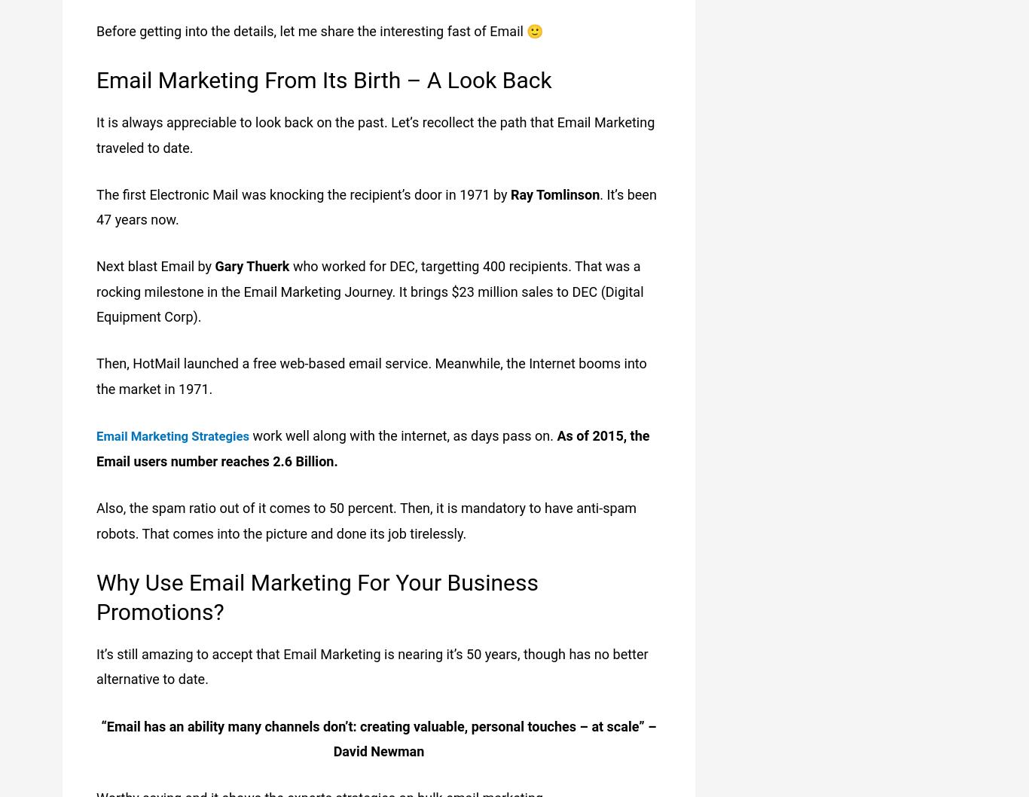  What do you see at coordinates (376, 206) in the screenshot?
I see `'. It’s been 47 years now.'` at bounding box center [376, 206].